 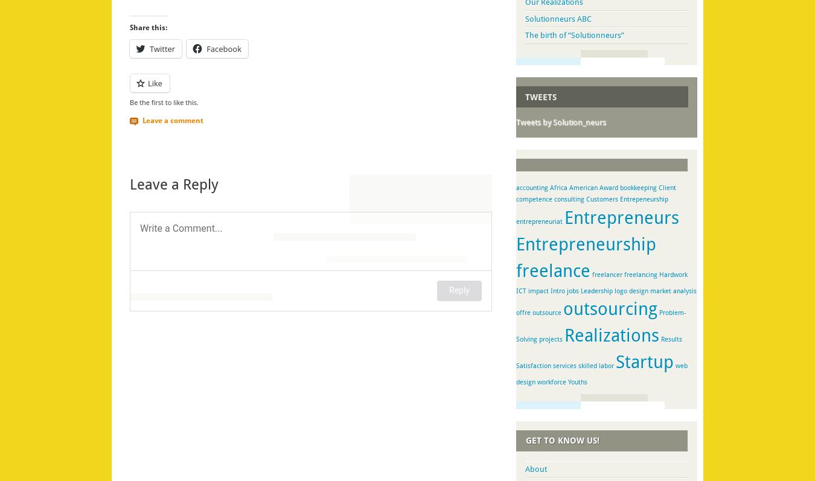 I want to click on 'entrepreneuriat', so click(x=539, y=221).